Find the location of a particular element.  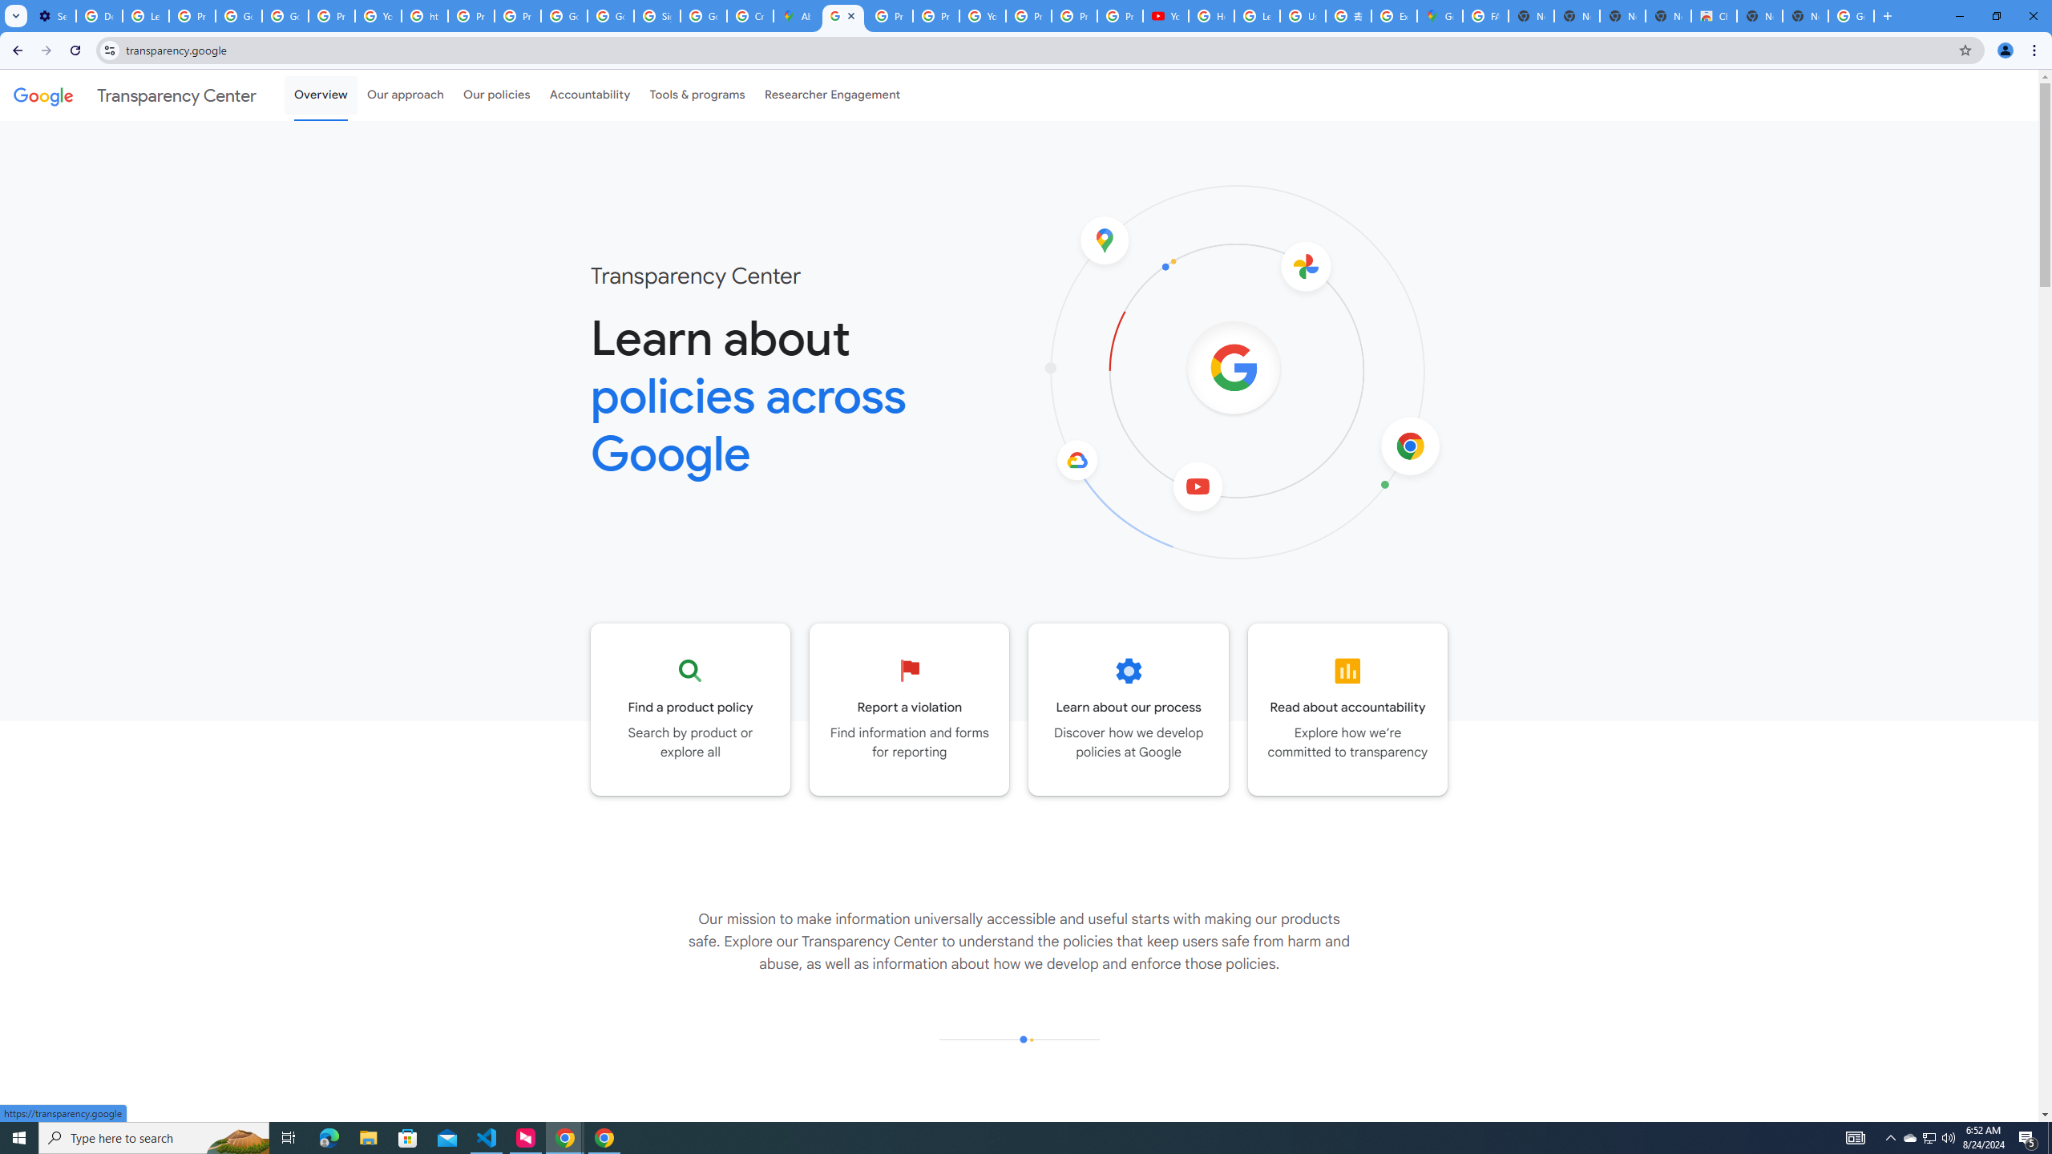

'Create your Google Account' is located at coordinates (749, 15).